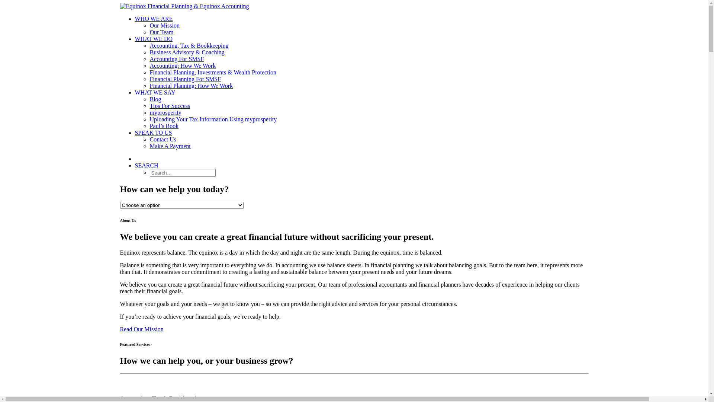 Image resolution: width=714 pixels, height=402 pixels. Describe the element at coordinates (212, 72) in the screenshot. I see `'Financial Planning, Investments & Wealth Protection'` at that location.